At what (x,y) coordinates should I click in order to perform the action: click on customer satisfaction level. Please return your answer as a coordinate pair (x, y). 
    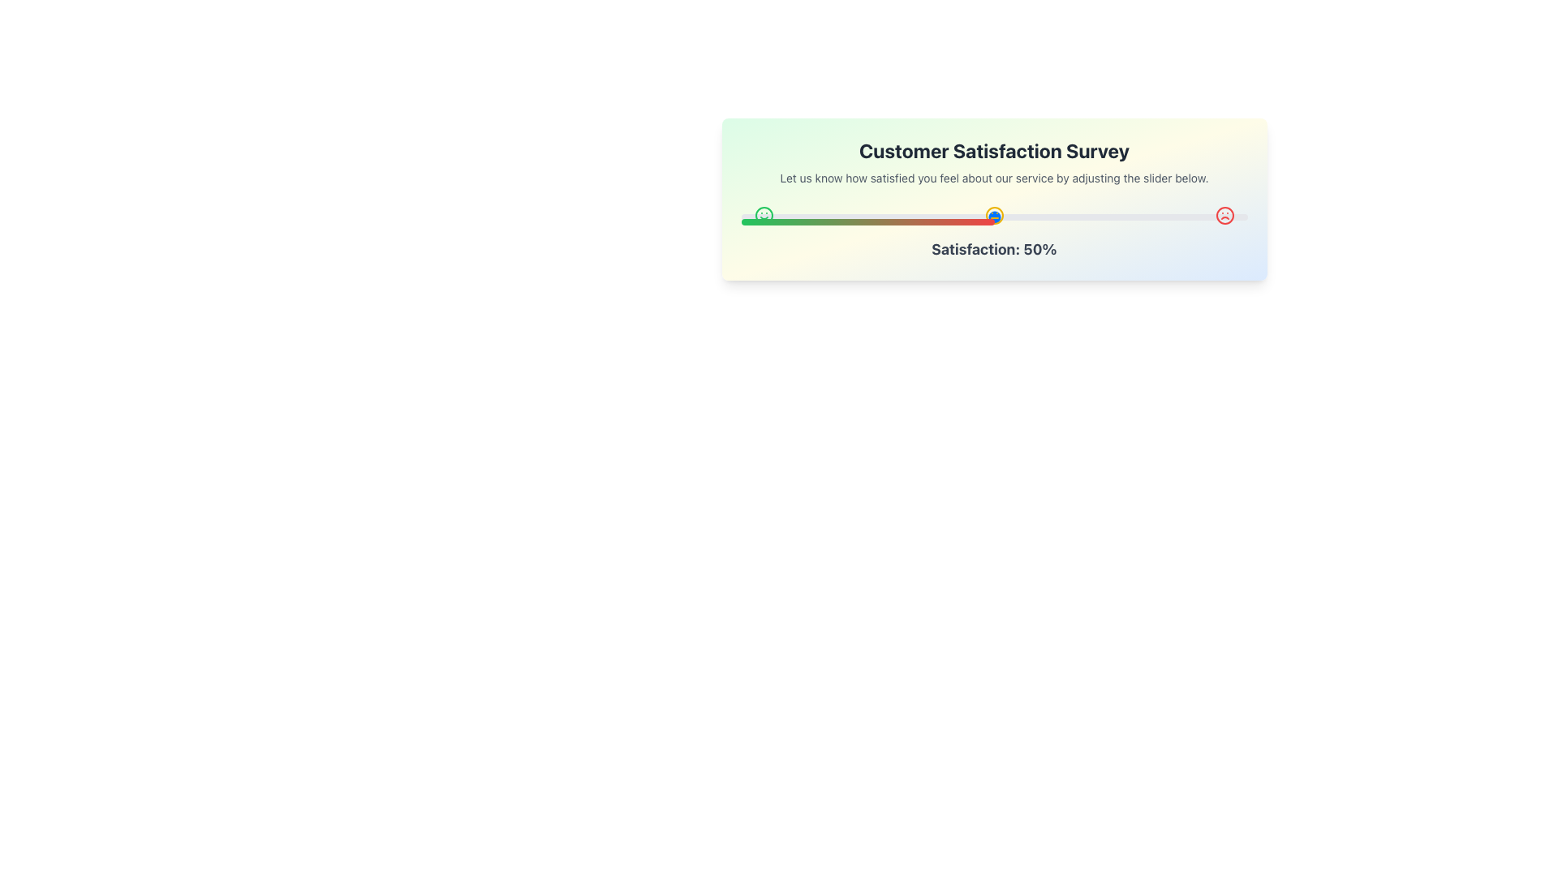
    Looking at the image, I should click on (958, 216).